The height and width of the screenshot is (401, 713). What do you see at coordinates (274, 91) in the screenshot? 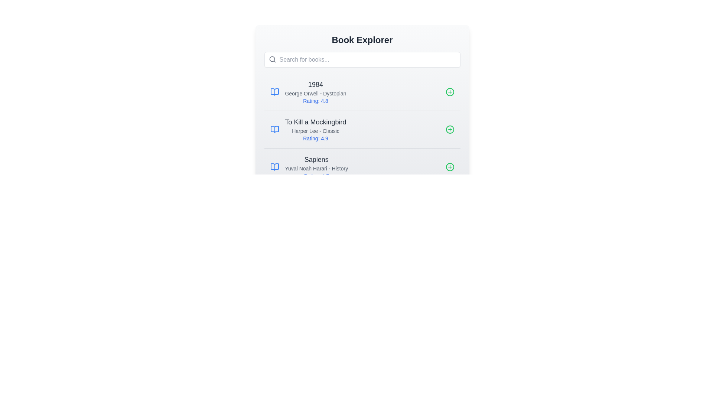
I see `the small blue book icon located to the left of the title '1984'` at bounding box center [274, 91].